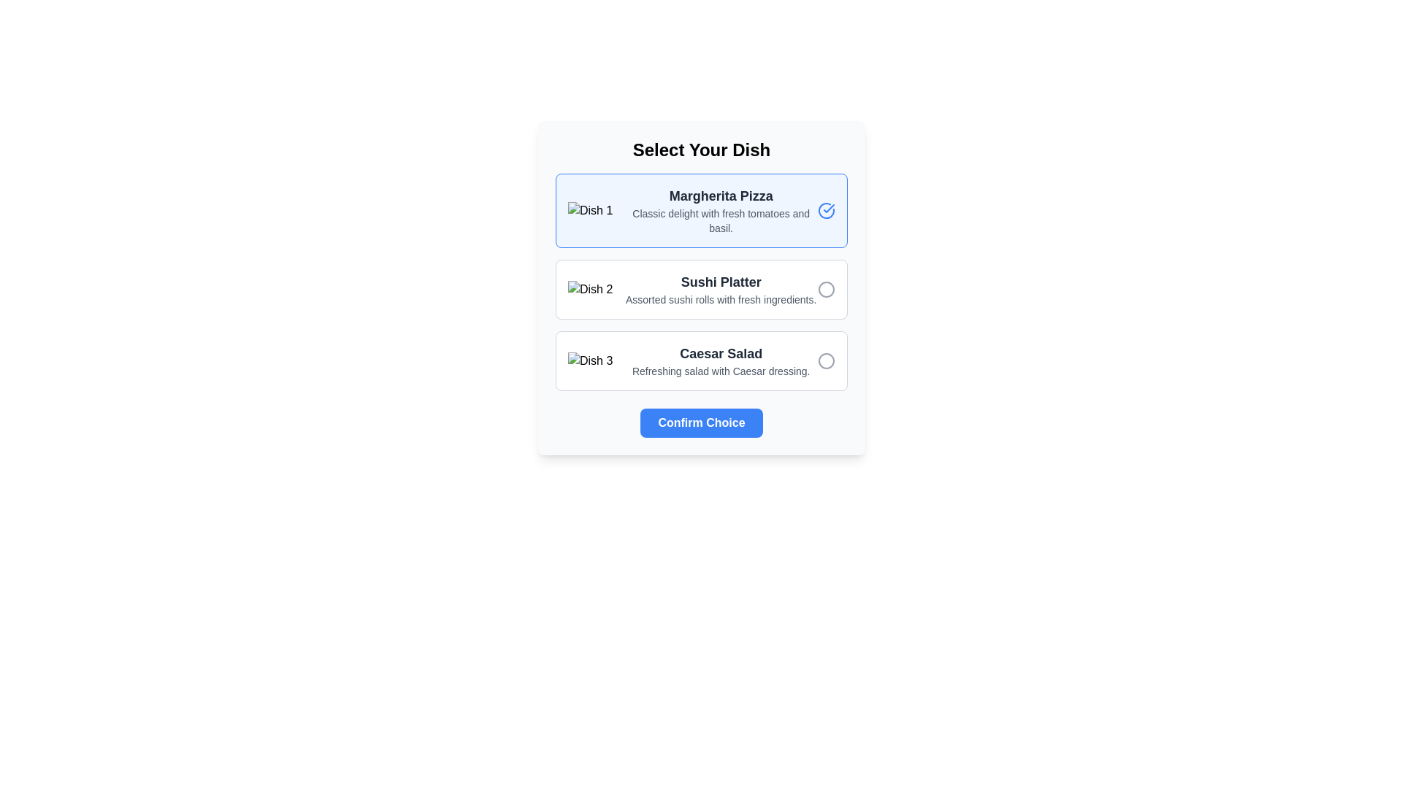 Image resolution: width=1402 pixels, height=788 pixels. Describe the element at coordinates (827, 360) in the screenshot. I see `the radio button-like icon indicating the selectable option for the 'Caesar Salad' item, located on the right-hand side of the option` at that location.